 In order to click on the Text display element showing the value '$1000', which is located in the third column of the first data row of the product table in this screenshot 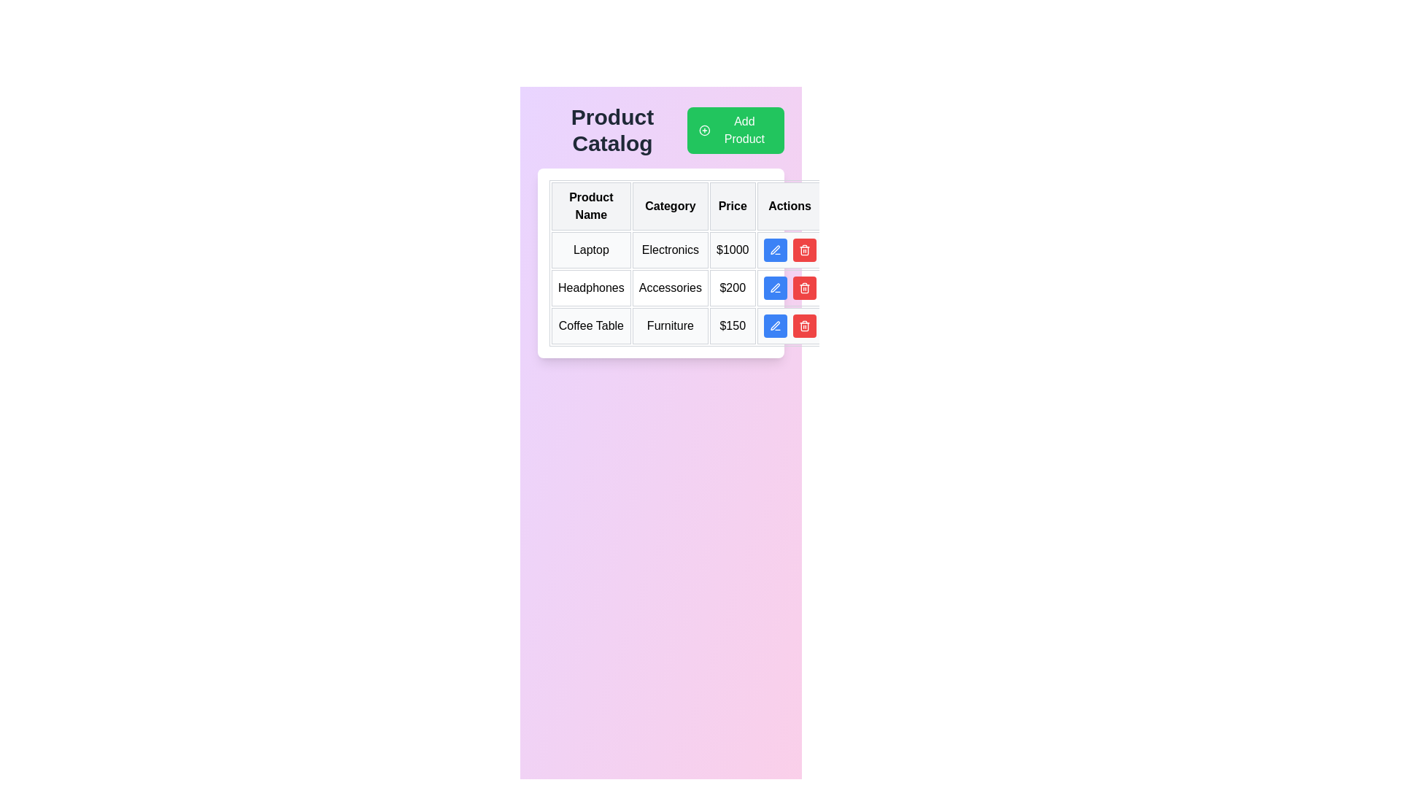, I will do `click(733, 250)`.